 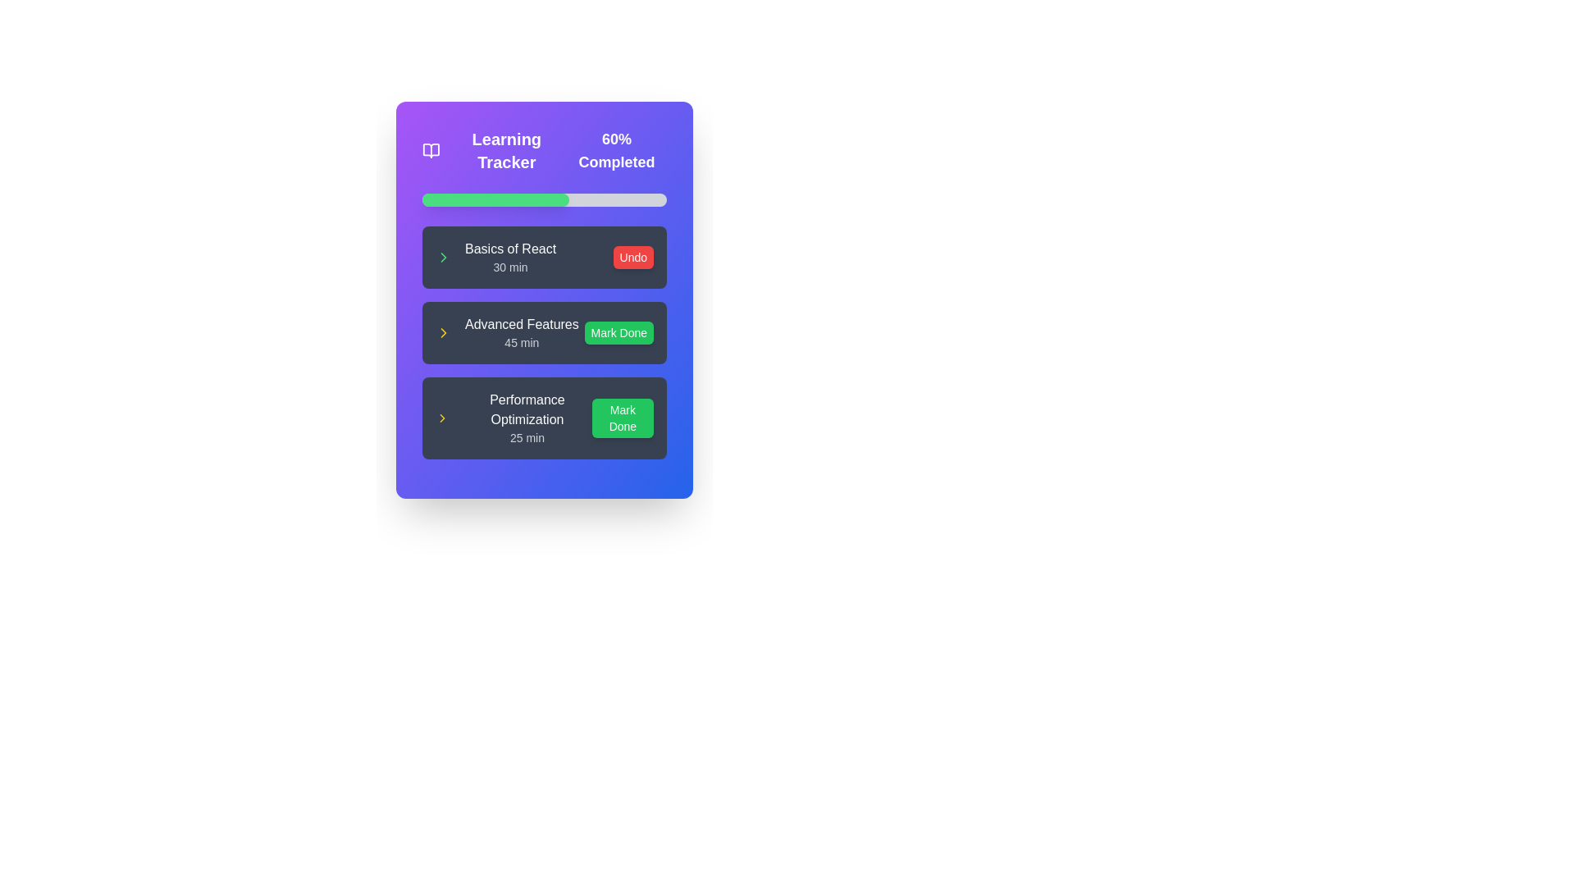 I want to click on the rightwards pointing yellow chevron icon located at the left side of the 'Advanced Features' module, so click(x=444, y=332).